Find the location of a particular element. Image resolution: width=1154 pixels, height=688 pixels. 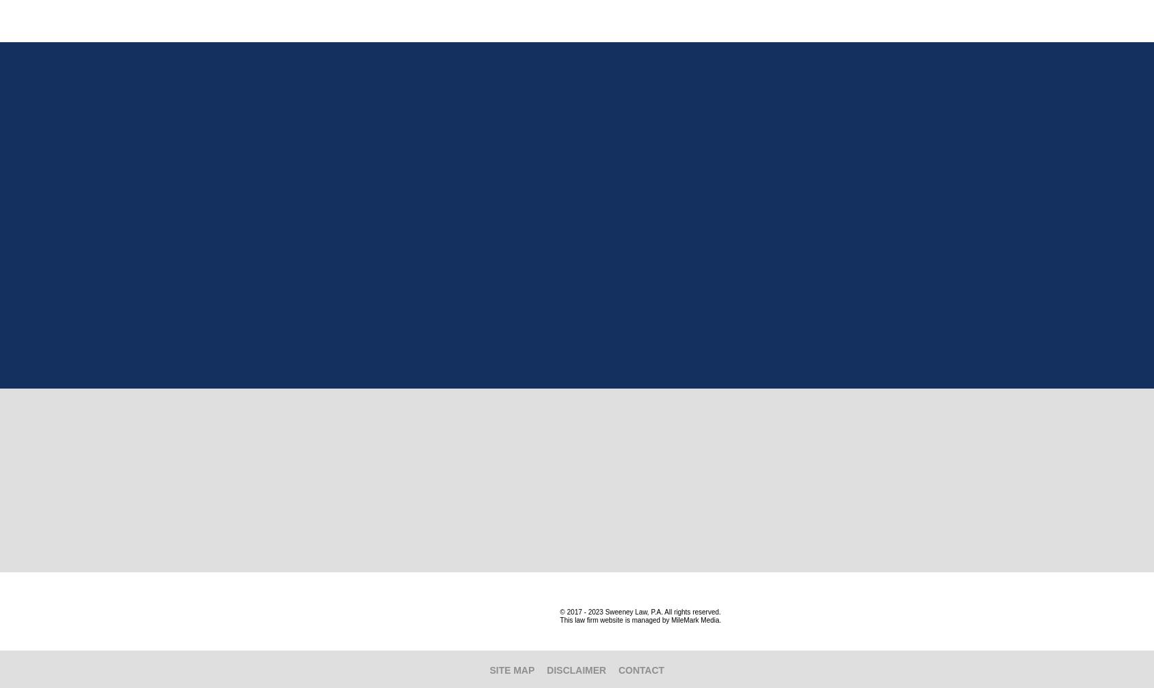

'Disclaimer' is located at coordinates (576, 670).